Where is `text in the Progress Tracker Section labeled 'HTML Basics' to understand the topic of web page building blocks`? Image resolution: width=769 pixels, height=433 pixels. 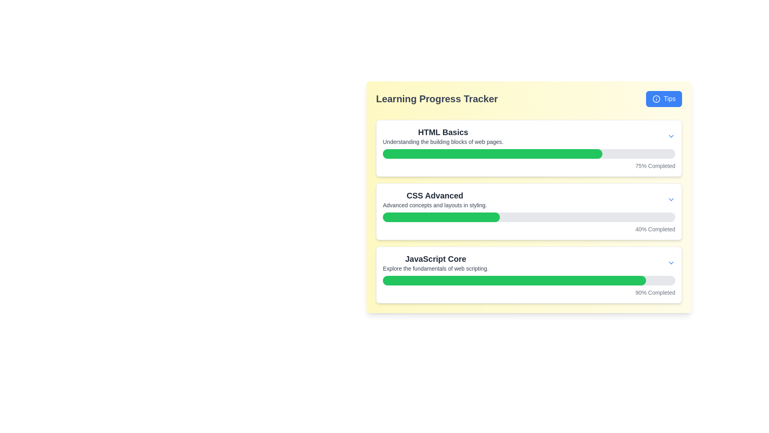
text in the Progress Tracker Section labeled 'HTML Basics' to understand the topic of web page building blocks is located at coordinates (529, 148).